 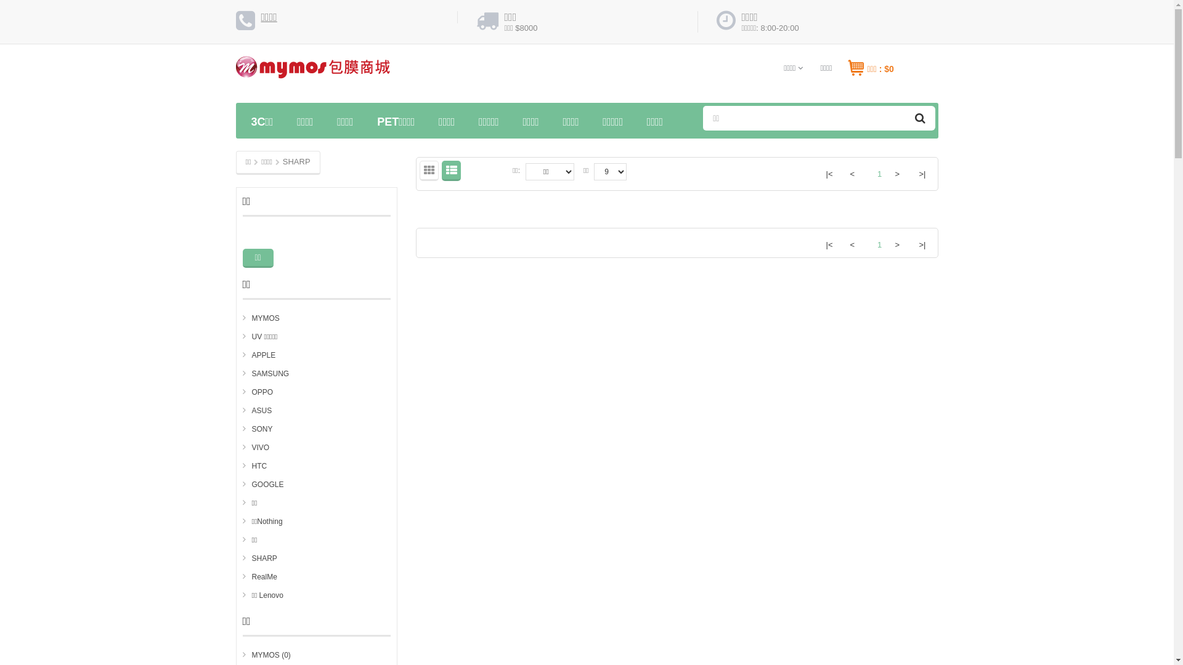 What do you see at coordinates (242, 483) in the screenshot?
I see `'GOOGLE'` at bounding box center [242, 483].